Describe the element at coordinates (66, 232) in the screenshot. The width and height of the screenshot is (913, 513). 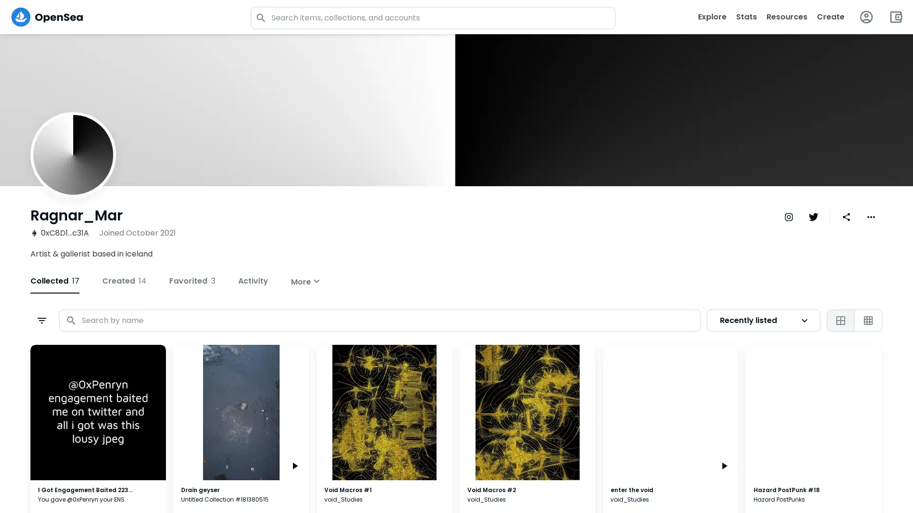
I see `0xC8D1...c31A` at that location.